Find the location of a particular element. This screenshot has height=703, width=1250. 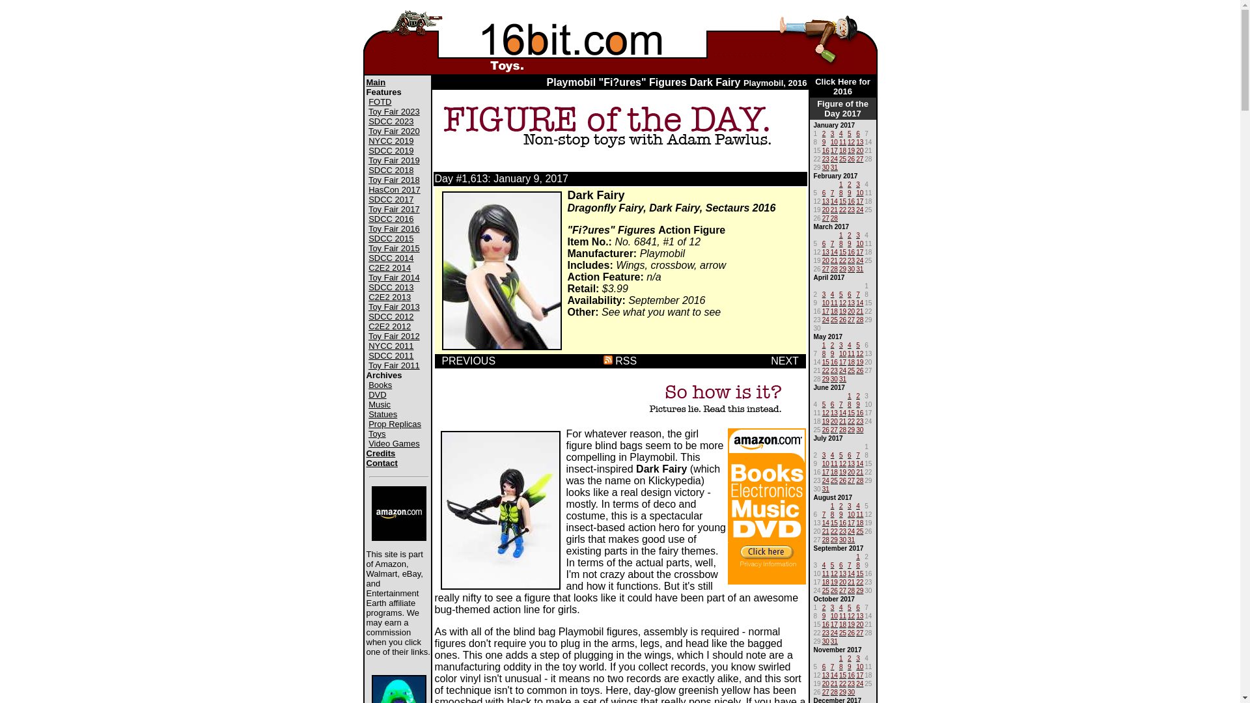

'9' is located at coordinates (824, 141).